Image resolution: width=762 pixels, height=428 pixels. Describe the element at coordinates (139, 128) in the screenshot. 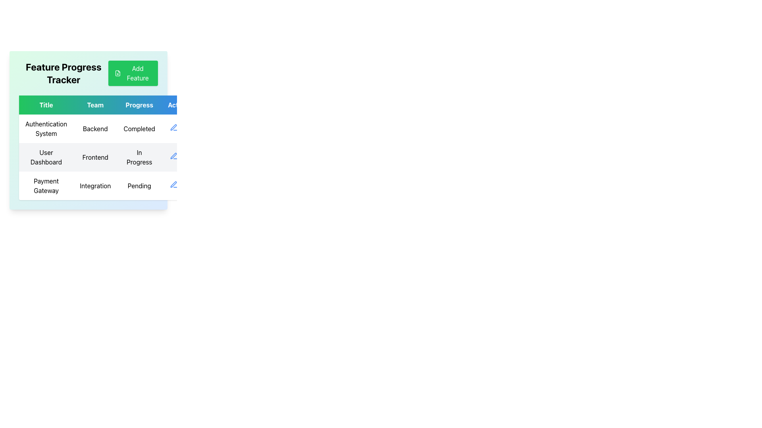

I see `the text label reading 'Completed' in the 'Progress' column of the 'Authentication System' row` at that location.